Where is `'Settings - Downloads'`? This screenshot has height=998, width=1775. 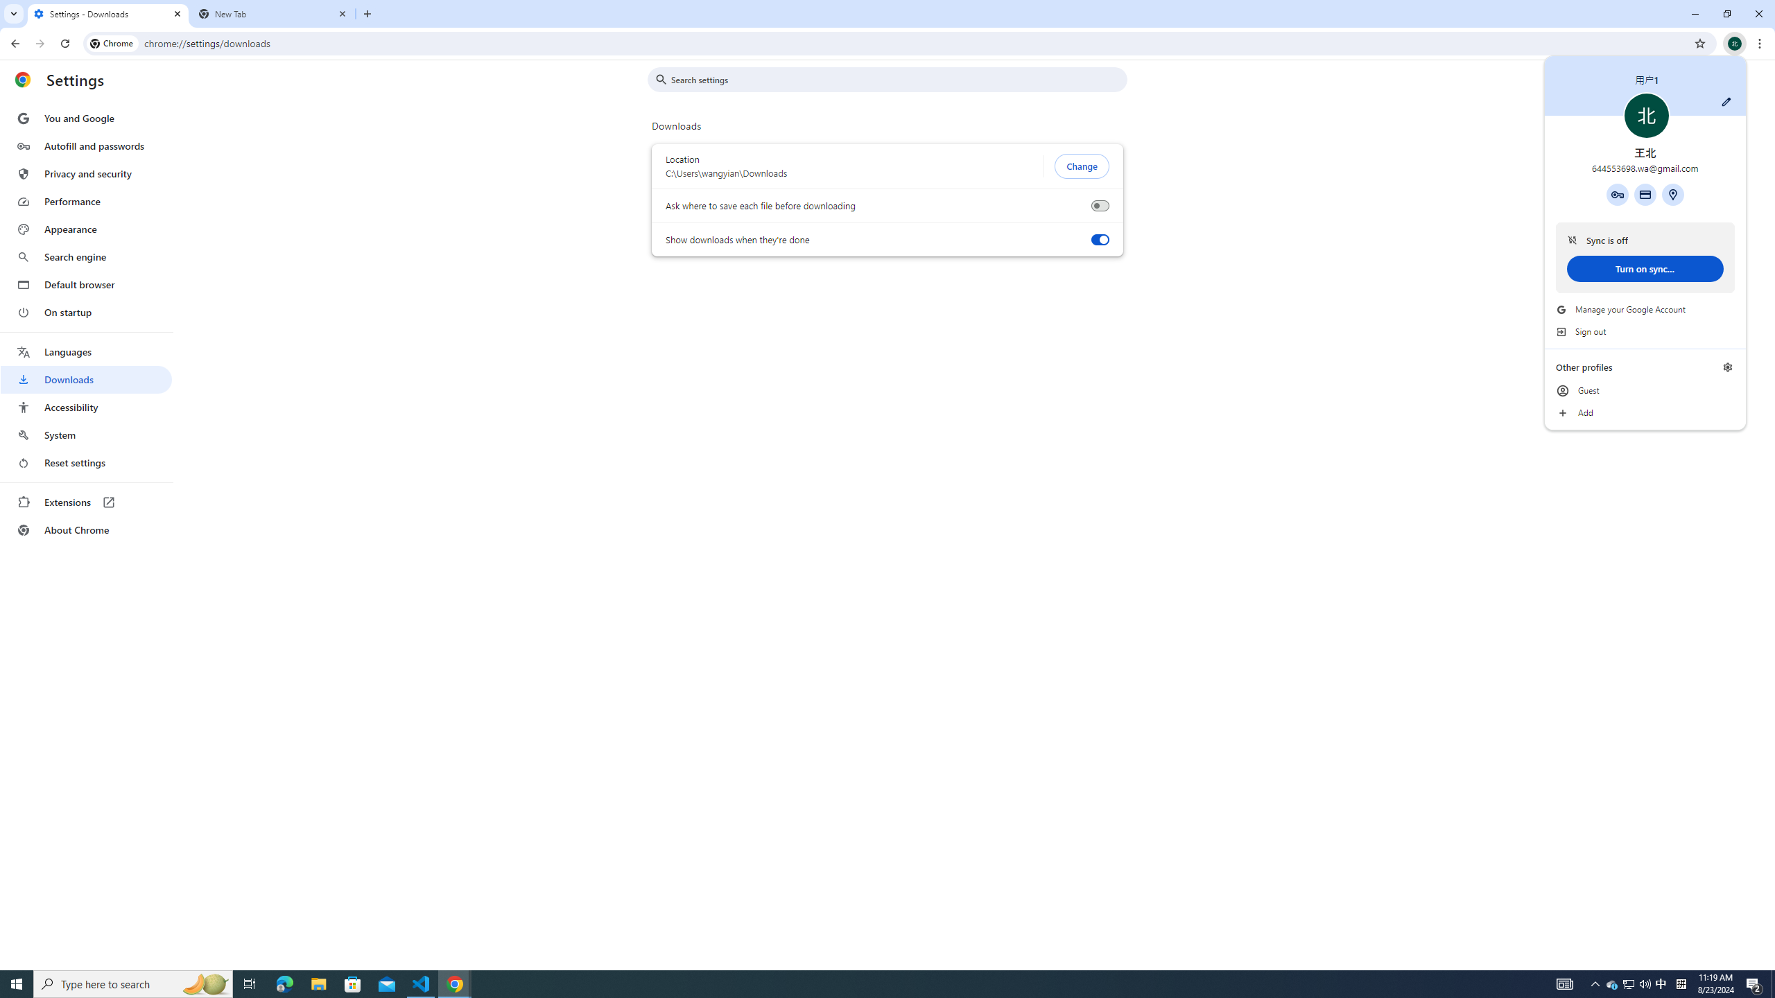 'Settings - Downloads' is located at coordinates (107, 13).